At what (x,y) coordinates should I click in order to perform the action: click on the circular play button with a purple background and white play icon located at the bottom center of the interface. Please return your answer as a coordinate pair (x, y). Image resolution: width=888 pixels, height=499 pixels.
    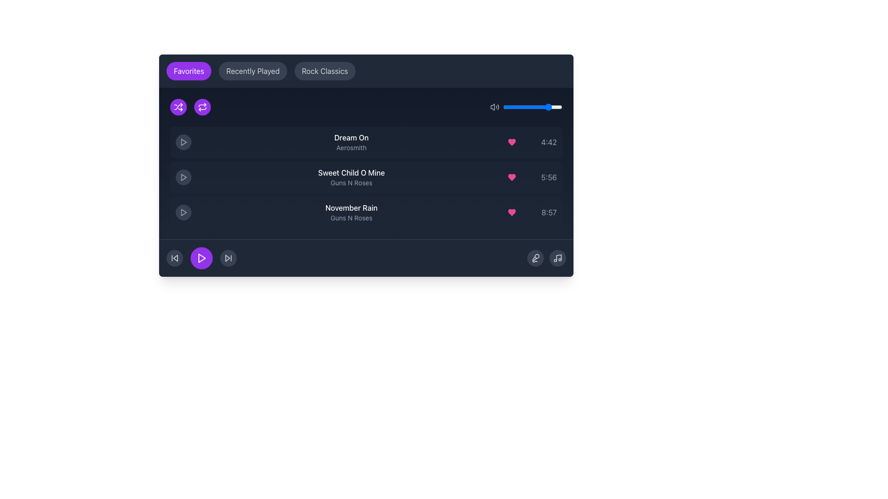
    Looking at the image, I should click on (201, 258).